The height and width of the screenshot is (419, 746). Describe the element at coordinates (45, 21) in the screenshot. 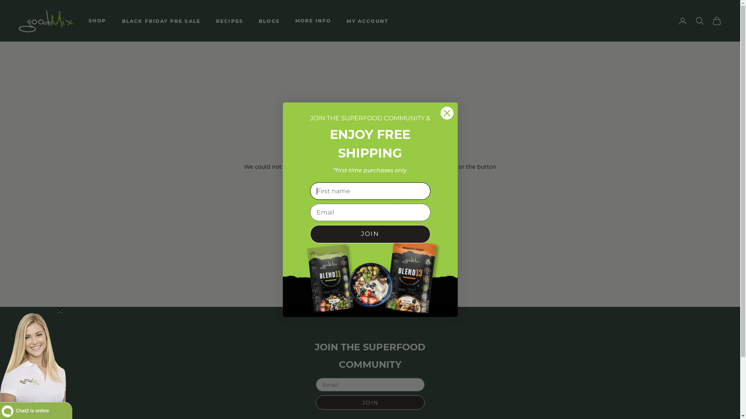

I see `'goodMix Superfoods'` at that location.